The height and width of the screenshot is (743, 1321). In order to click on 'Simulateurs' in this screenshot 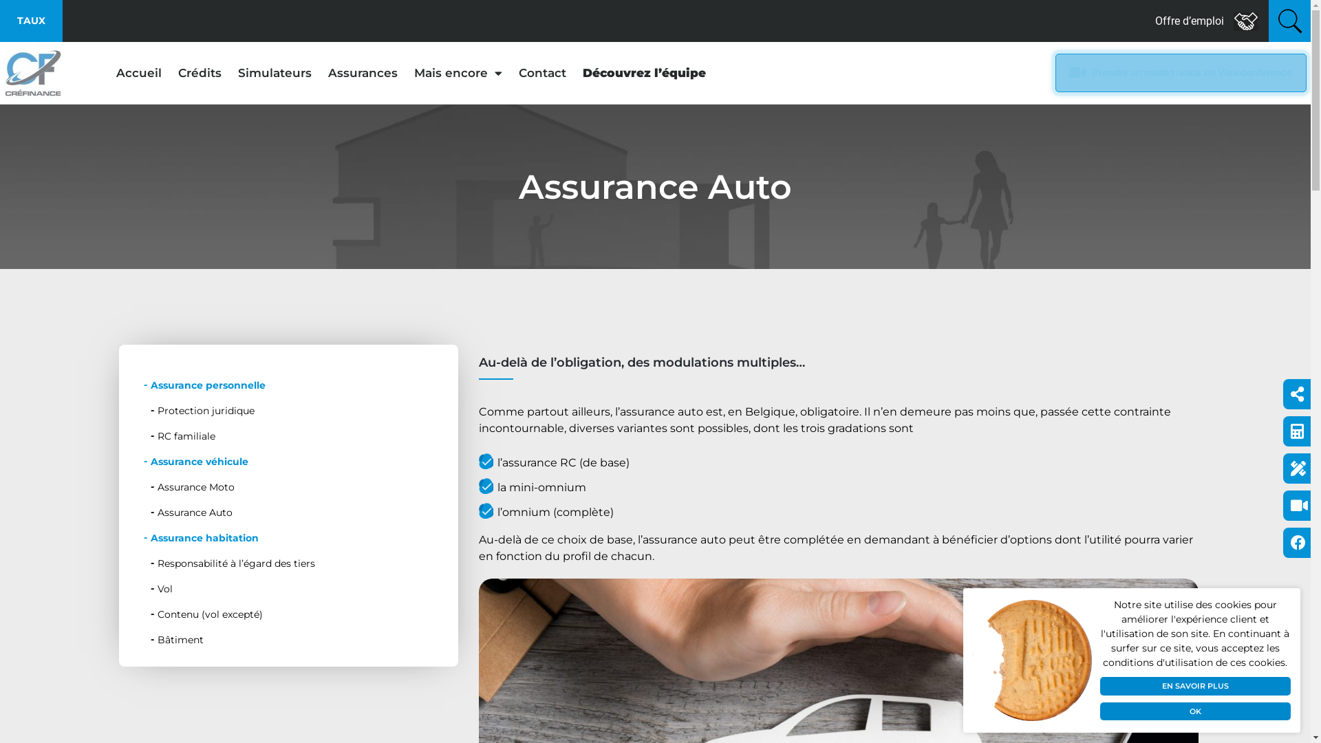, I will do `click(275, 72)`.